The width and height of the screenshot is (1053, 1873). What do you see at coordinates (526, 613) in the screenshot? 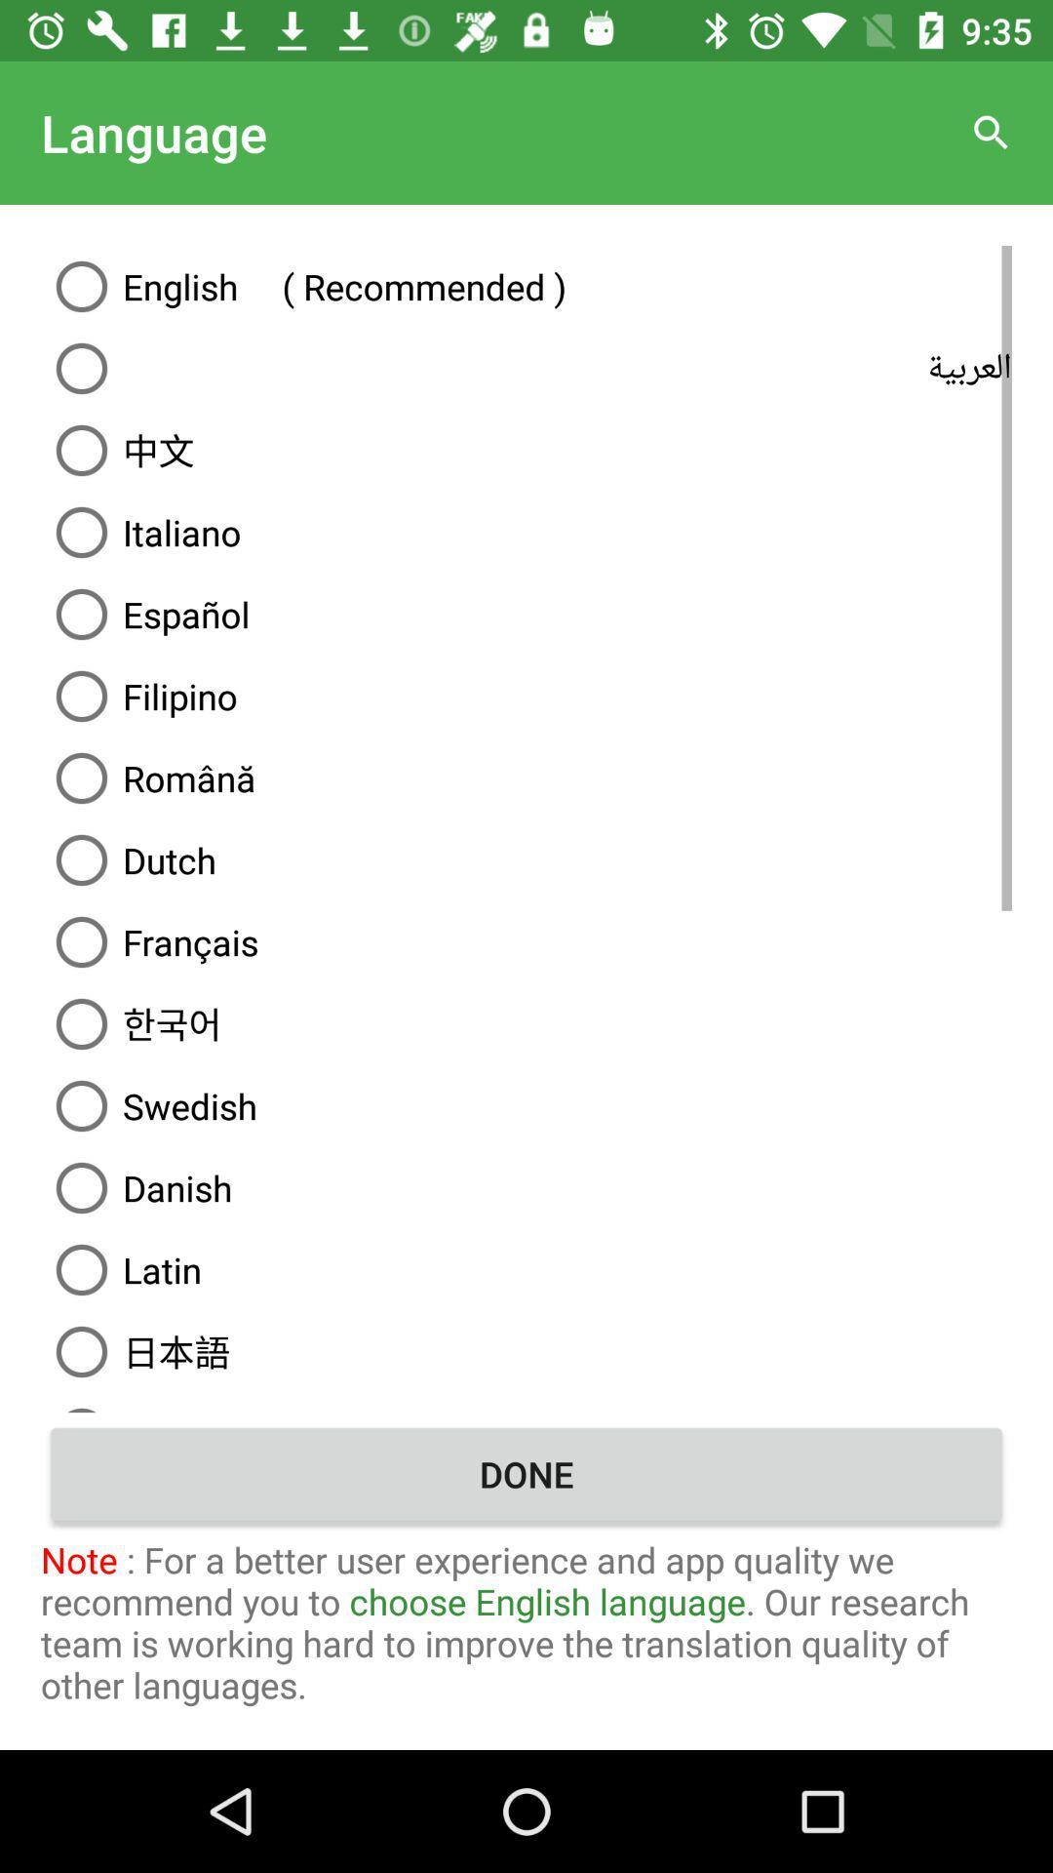
I see `the item below the italiano icon` at bounding box center [526, 613].